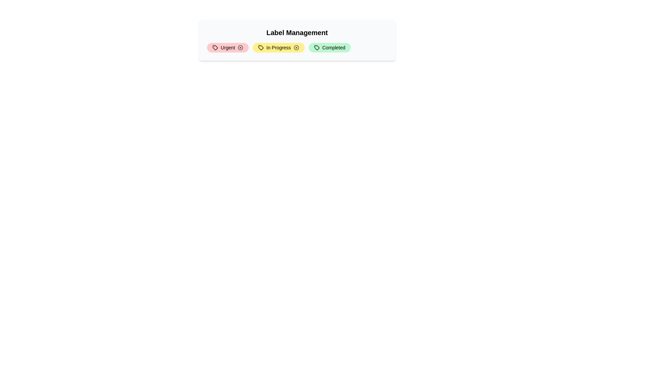 The image size is (655, 368). What do you see at coordinates (296, 47) in the screenshot?
I see `the close button of the label In Progress to remove it` at bounding box center [296, 47].